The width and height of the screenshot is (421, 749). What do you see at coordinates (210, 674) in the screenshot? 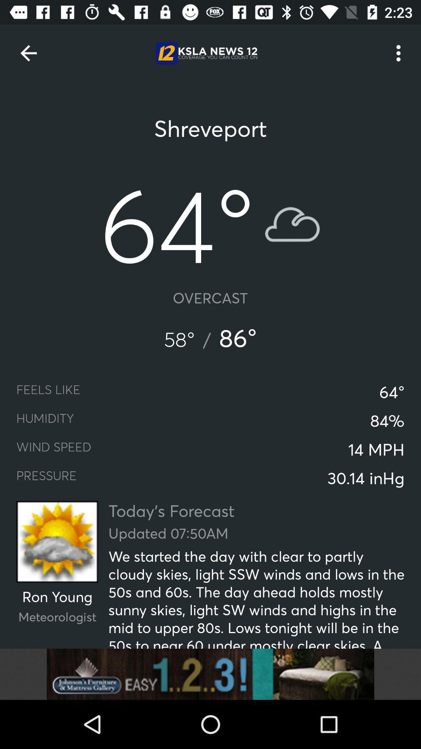
I see `advertisement` at bounding box center [210, 674].